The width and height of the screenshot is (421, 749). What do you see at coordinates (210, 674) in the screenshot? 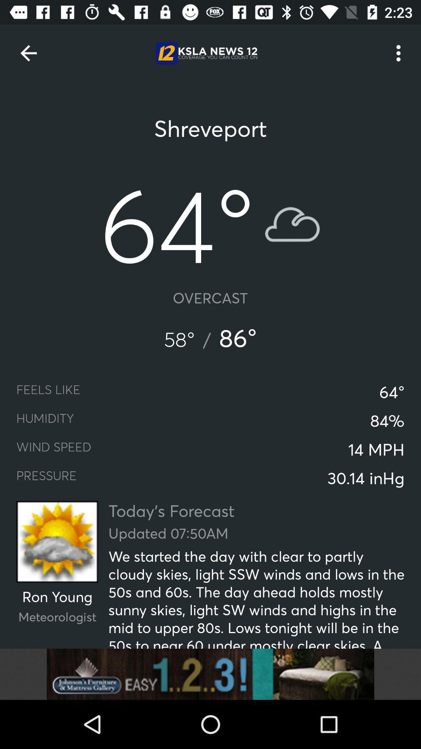
I see `advertisement` at bounding box center [210, 674].